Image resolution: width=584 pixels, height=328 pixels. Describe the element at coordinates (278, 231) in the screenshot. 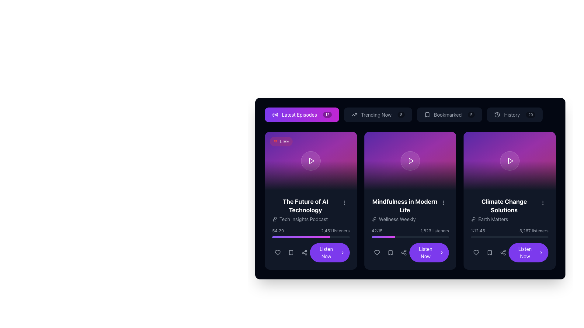

I see `the static text label displaying '54:20', which is located in the bottom-left corner of the card representing 'The Future of AI Technology'` at that location.